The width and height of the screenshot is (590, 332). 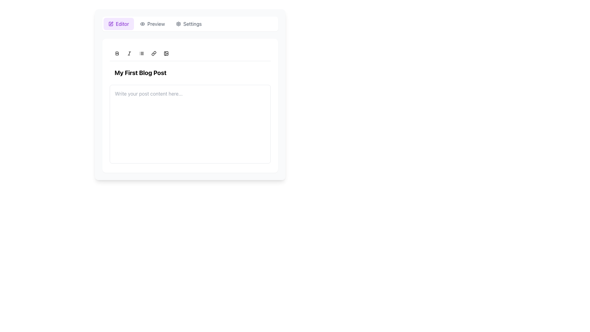 What do you see at coordinates (111, 23) in the screenshot?
I see `the editing icon located within the 'Editor' button at the top left of the interface, positioned to the left of the button's text label 'Editor'` at bounding box center [111, 23].